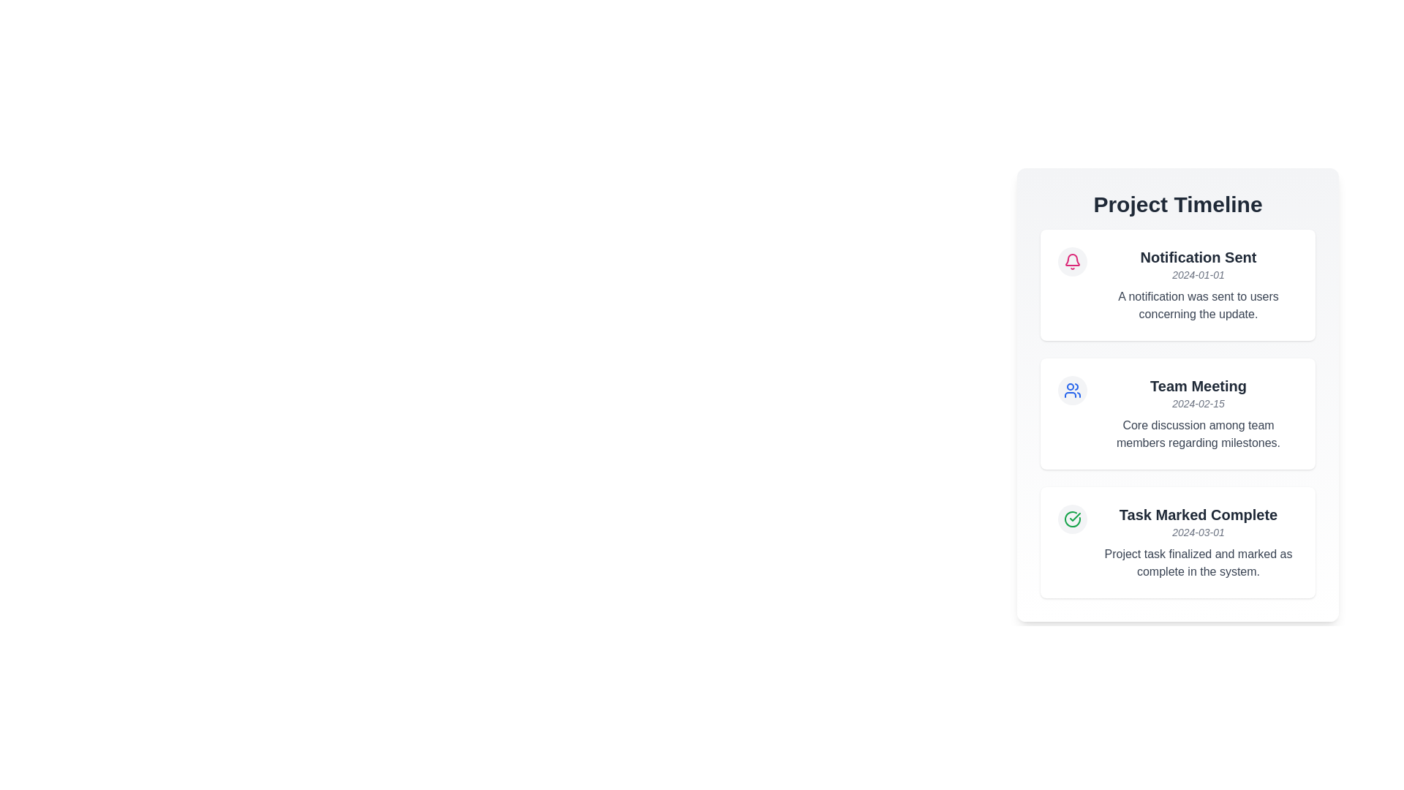  I want to click on the timestamp text label that indicates the date associated with the task completion, positioned below 'Task Marked Complete' and above the description 'Project task finalized and marked as complete in the system.', so click(1198, 533).